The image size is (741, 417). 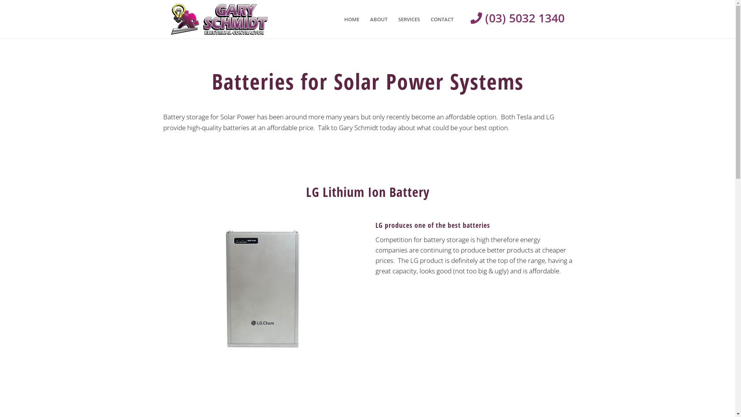 What do you see at coordinates (364, 19) in the screenshot?
I see `'ABOUT'` at bounding box center [364, 19].